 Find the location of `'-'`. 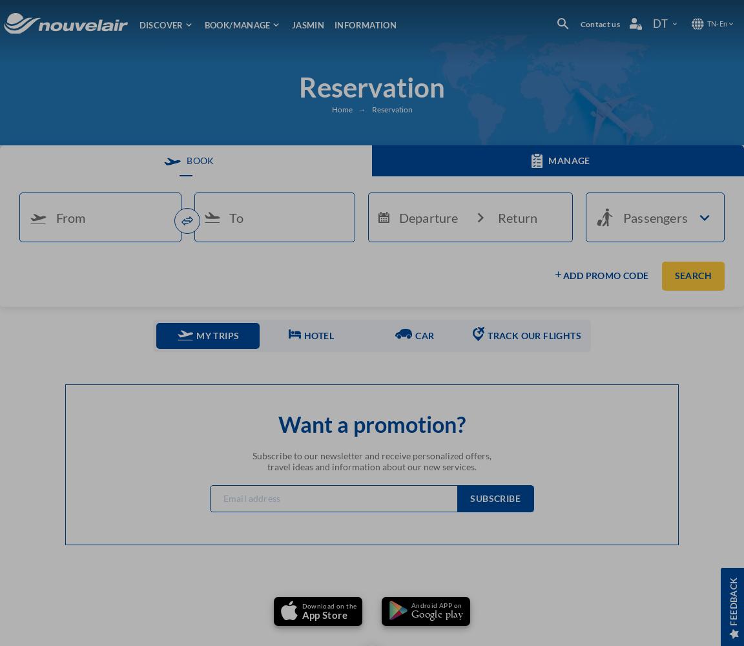

'-' is located at coordinates (716, 23).